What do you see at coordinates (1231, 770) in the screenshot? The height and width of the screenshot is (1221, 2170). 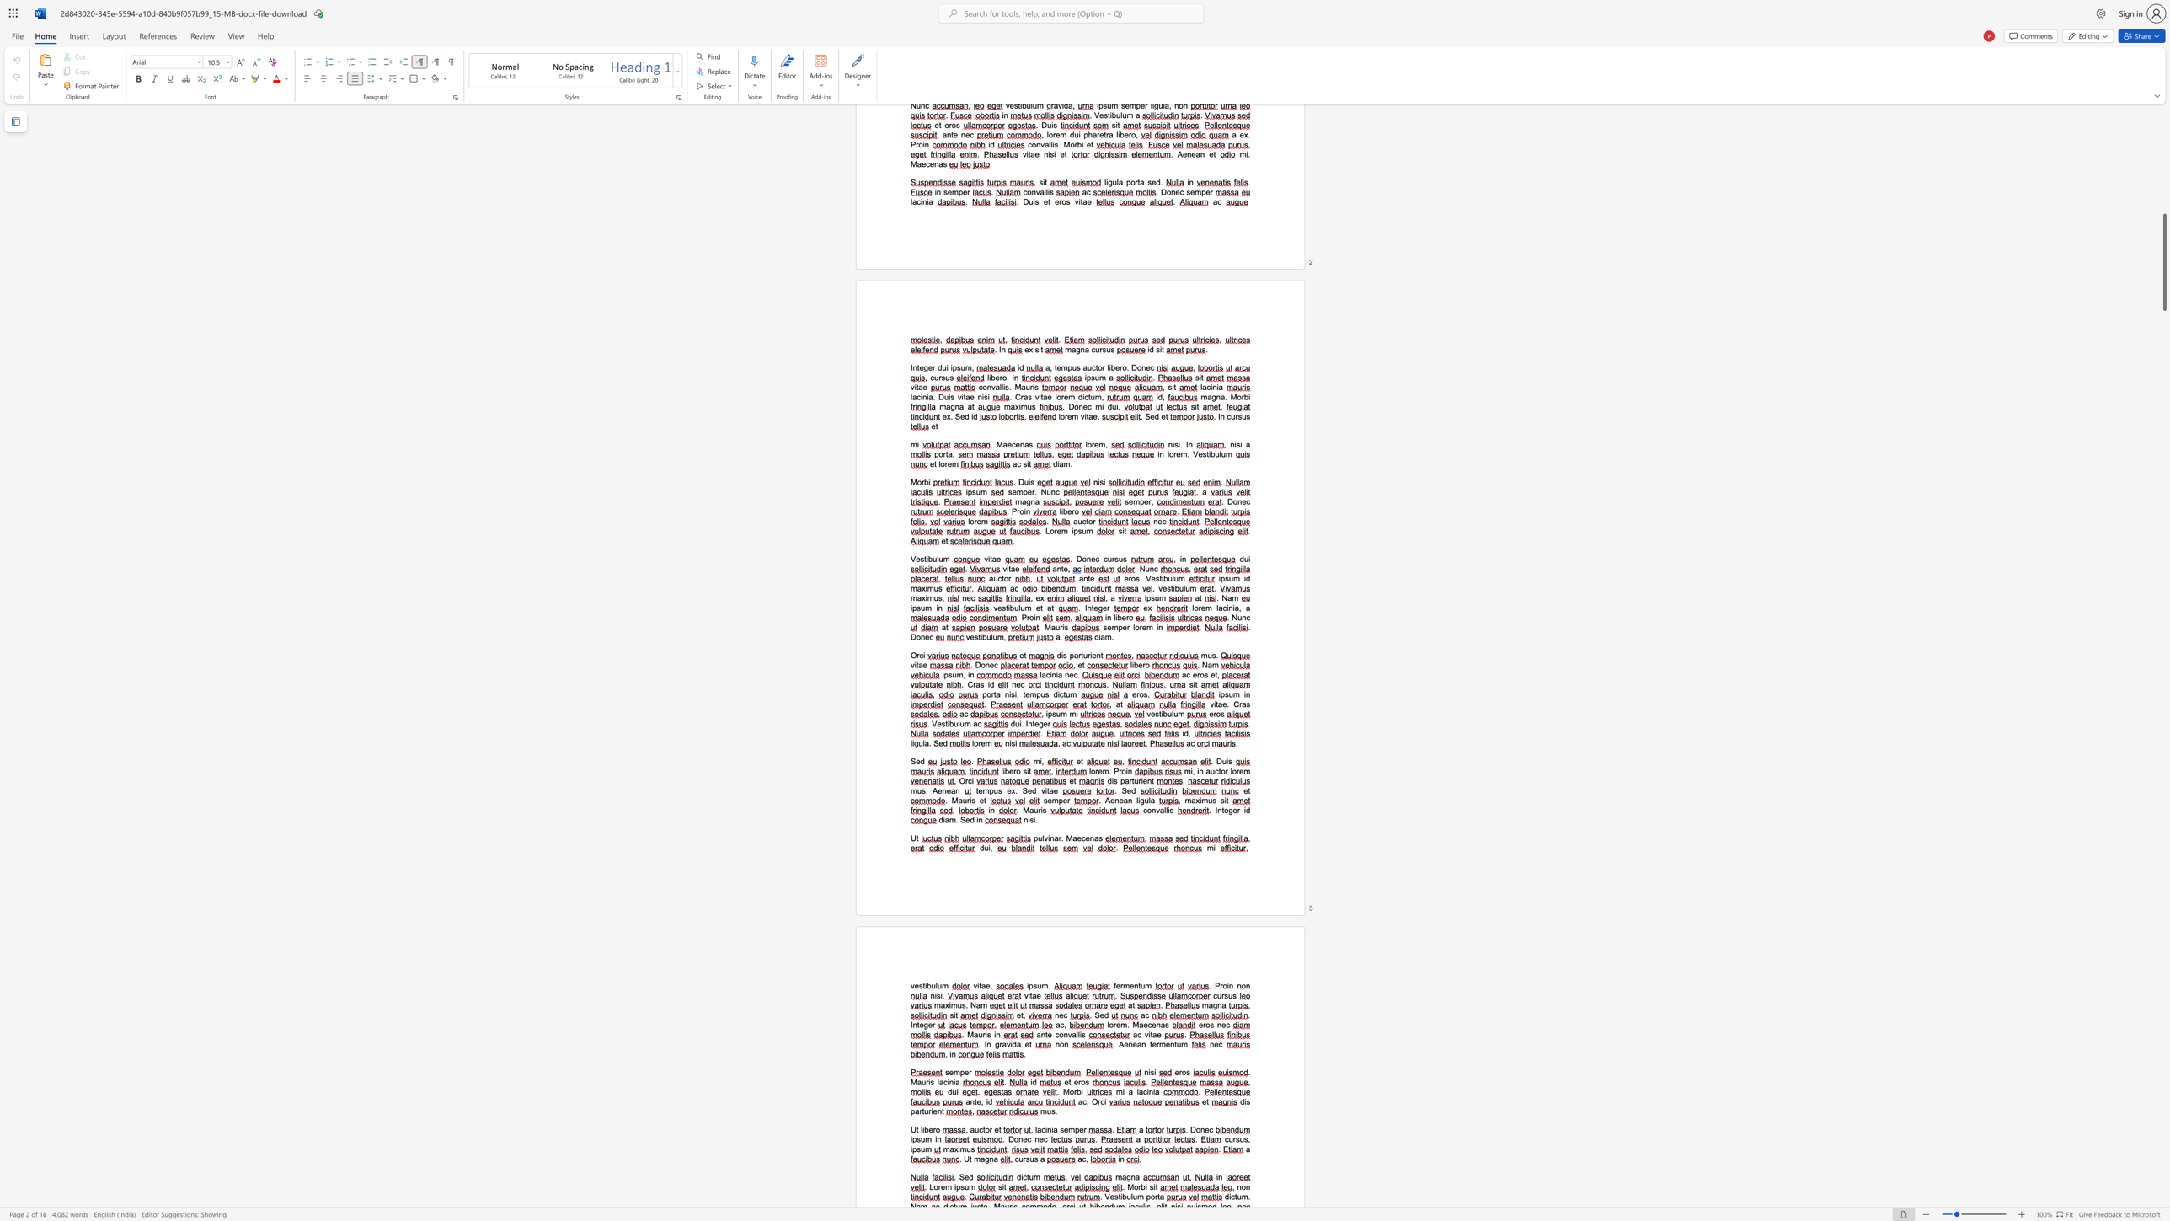 I see `the 1th character "l" in the text` at bounding box center [1231, 770].